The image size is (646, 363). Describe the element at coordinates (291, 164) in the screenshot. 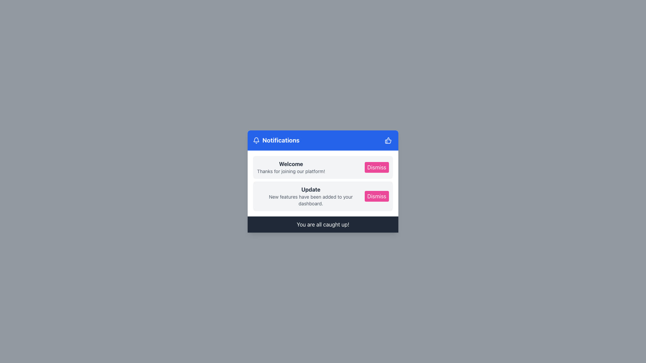

I see `text from the header of the notification message, which welcomes the user and is positioned above the message 'Thanks for joining our platform!'` at that location.